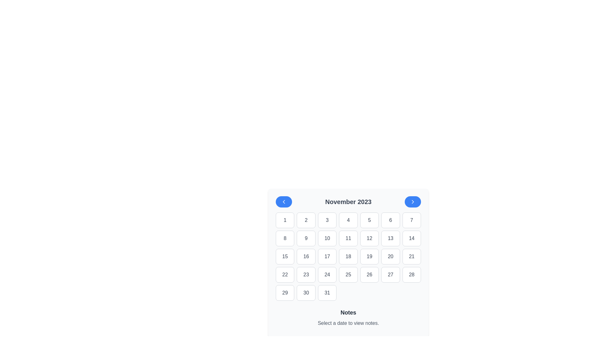 The image size is (601, 338). Describe the element at coordinates (285, 238) in the screenshot. I see `the button representing the date '8' in the calendar interface` at that location.